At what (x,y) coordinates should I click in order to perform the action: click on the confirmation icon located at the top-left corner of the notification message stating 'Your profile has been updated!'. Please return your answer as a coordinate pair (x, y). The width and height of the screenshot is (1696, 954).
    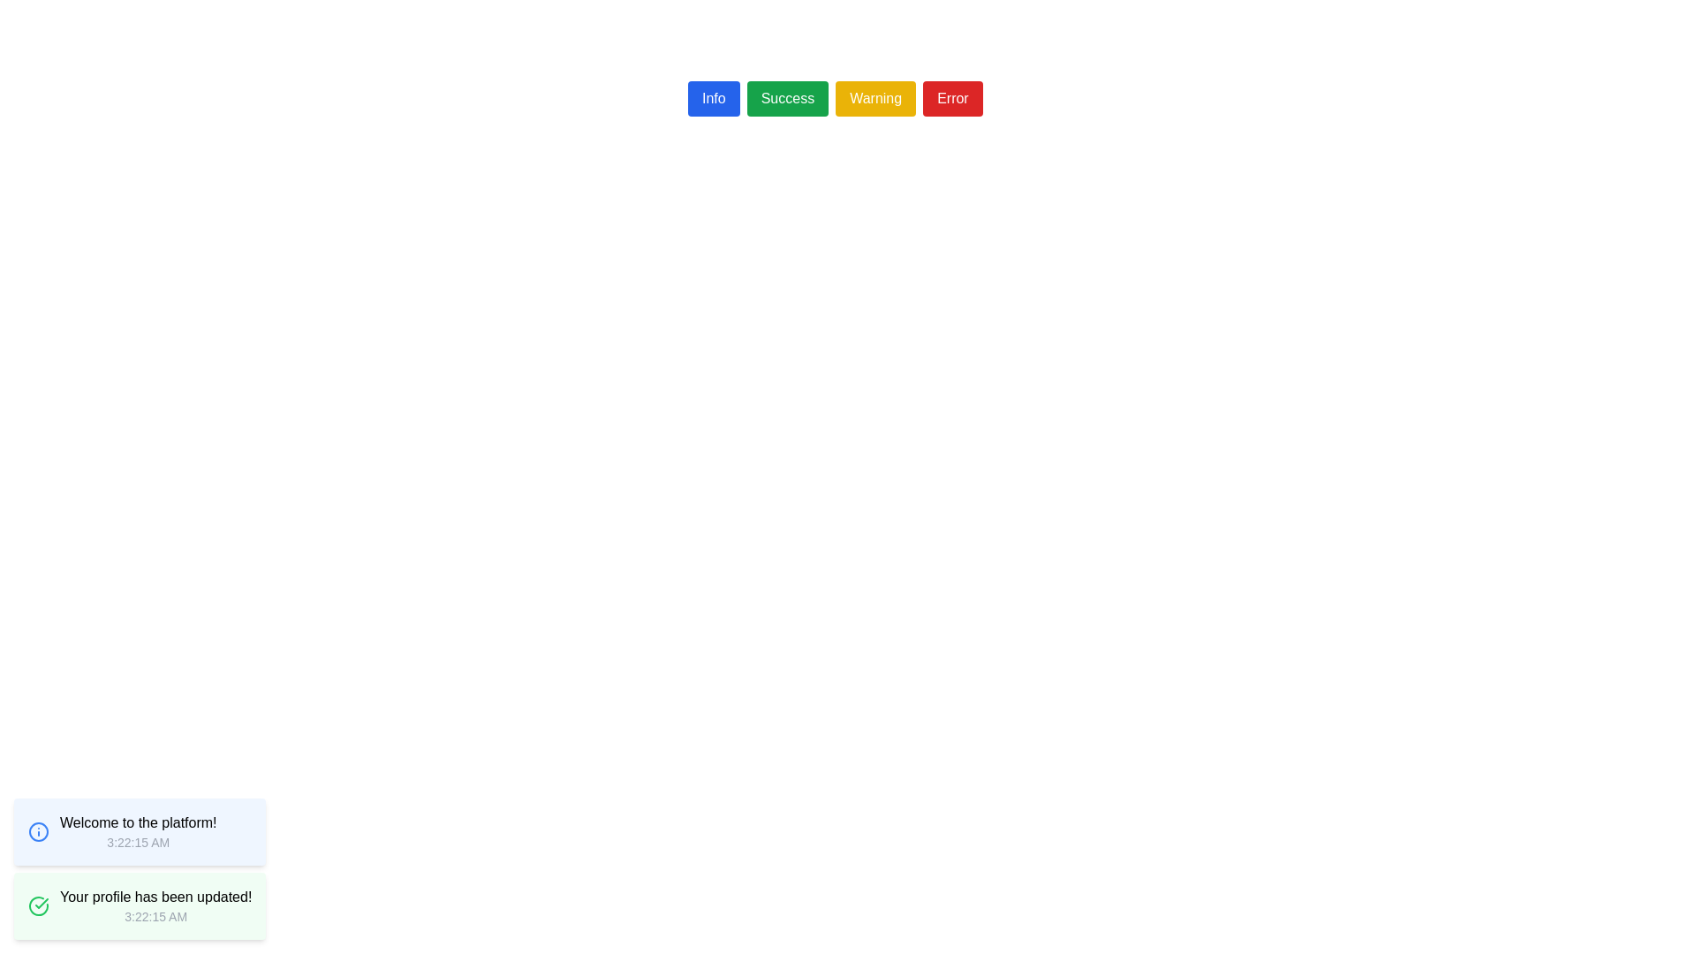
    Looking at the image, I should click on (38, 906).